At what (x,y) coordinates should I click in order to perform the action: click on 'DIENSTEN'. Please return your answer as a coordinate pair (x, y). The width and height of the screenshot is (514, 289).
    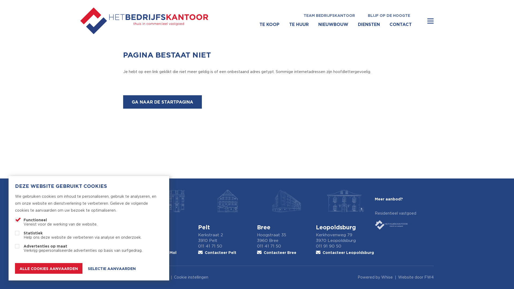
    Looking at the image, I should click on (368, 24).